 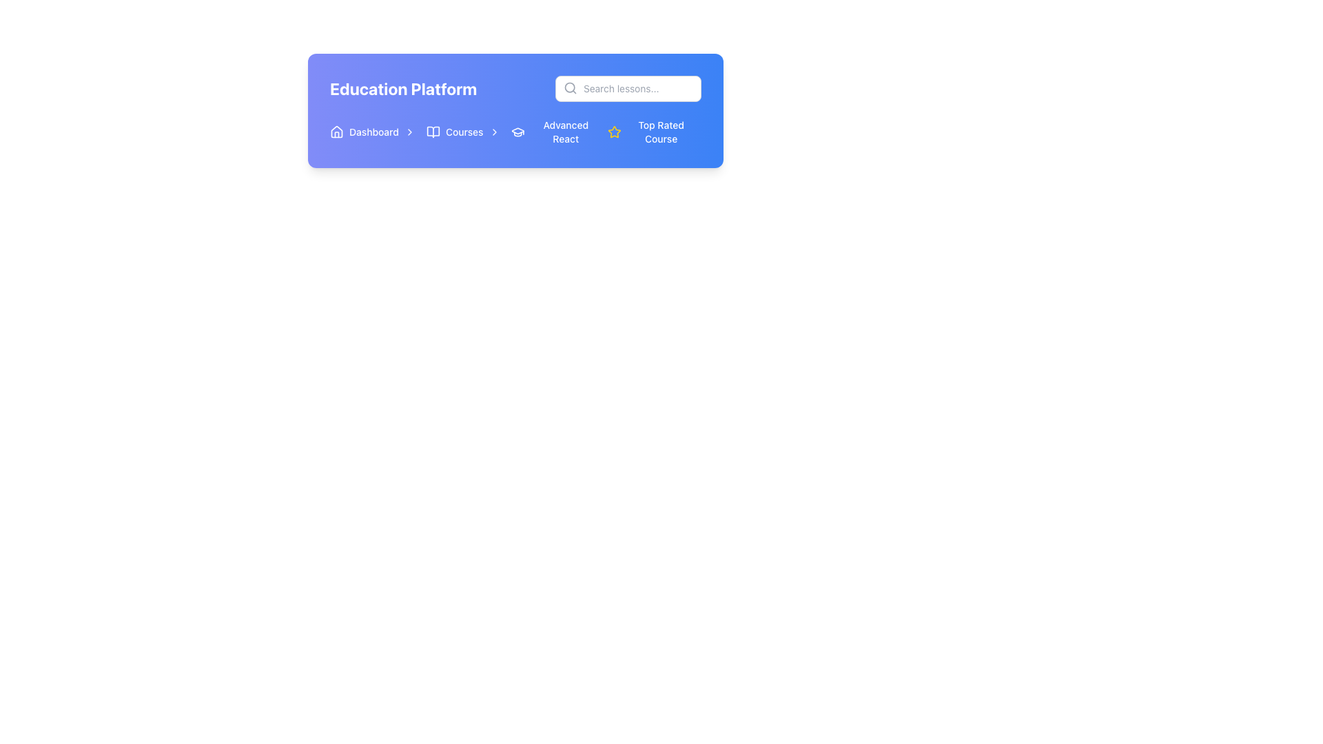 What do you see at coordinates (653, 132) in the screenshot?
I see `the 'Top Rated Course' label with the star icon` at bounding box center [653, 132].